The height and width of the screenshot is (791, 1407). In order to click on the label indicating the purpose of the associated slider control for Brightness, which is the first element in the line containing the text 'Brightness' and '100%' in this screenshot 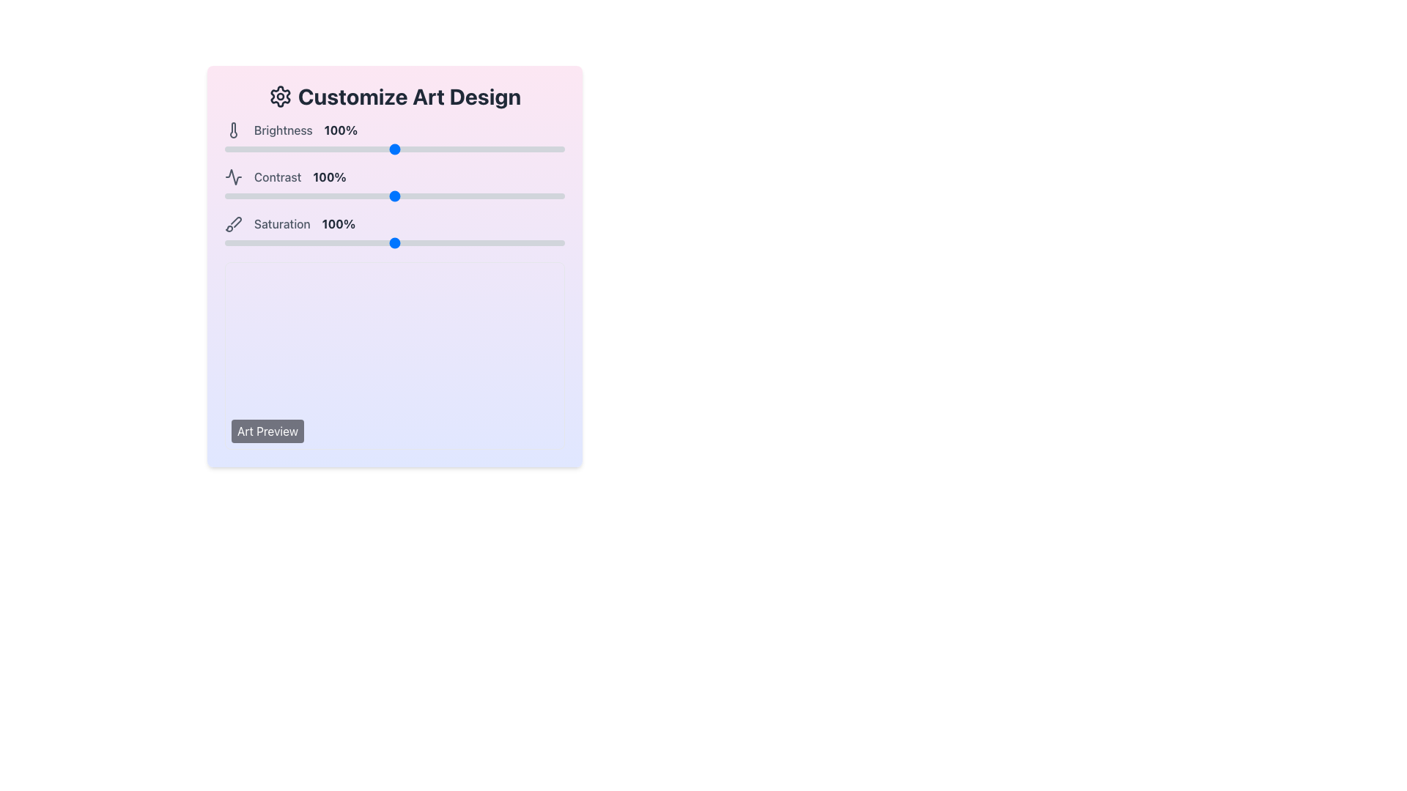, I will do `click(283, 129)`.